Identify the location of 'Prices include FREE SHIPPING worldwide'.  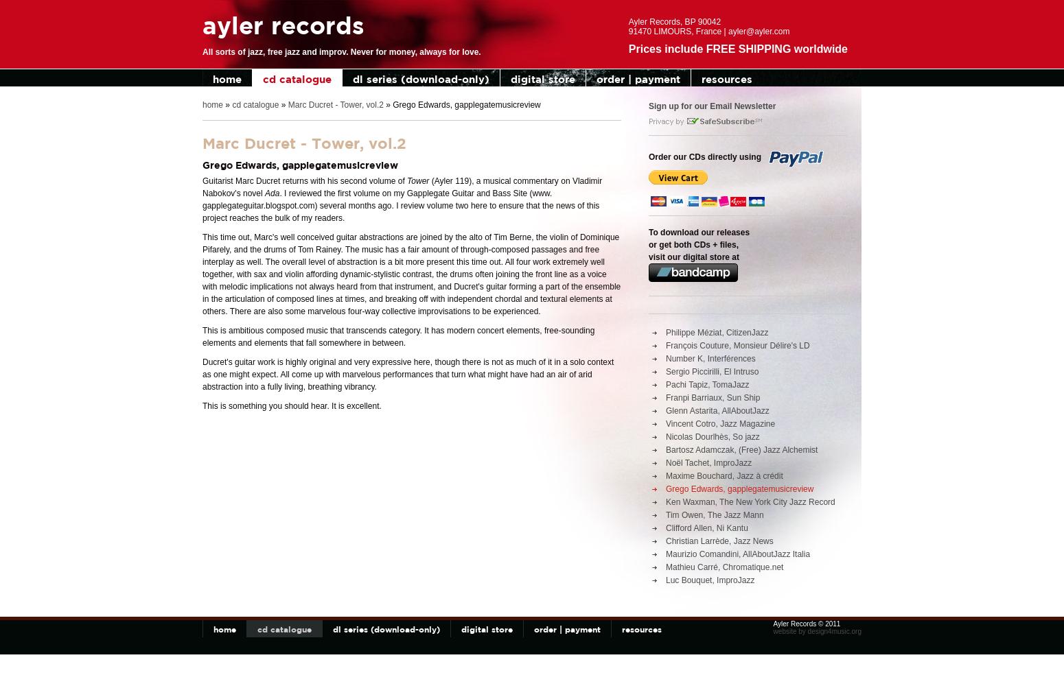
(737, 48).